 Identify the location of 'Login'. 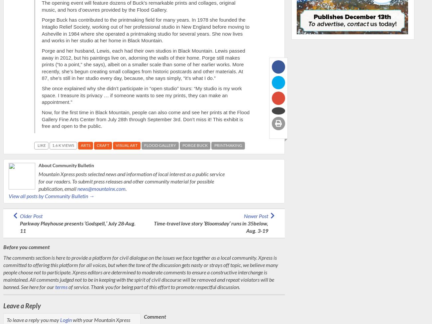
(60, 319).